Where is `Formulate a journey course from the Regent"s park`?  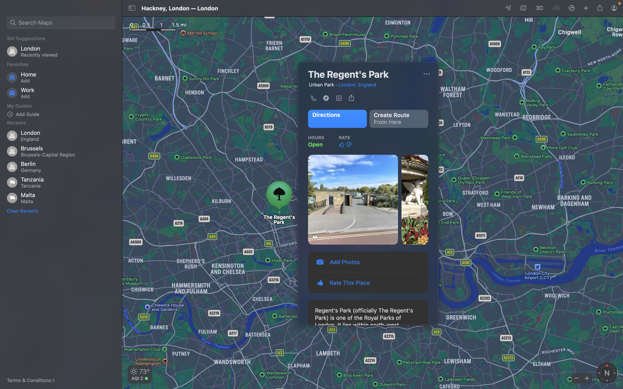 Formulate a journey course from the Regent"s park is located at coordinates (400, 119).